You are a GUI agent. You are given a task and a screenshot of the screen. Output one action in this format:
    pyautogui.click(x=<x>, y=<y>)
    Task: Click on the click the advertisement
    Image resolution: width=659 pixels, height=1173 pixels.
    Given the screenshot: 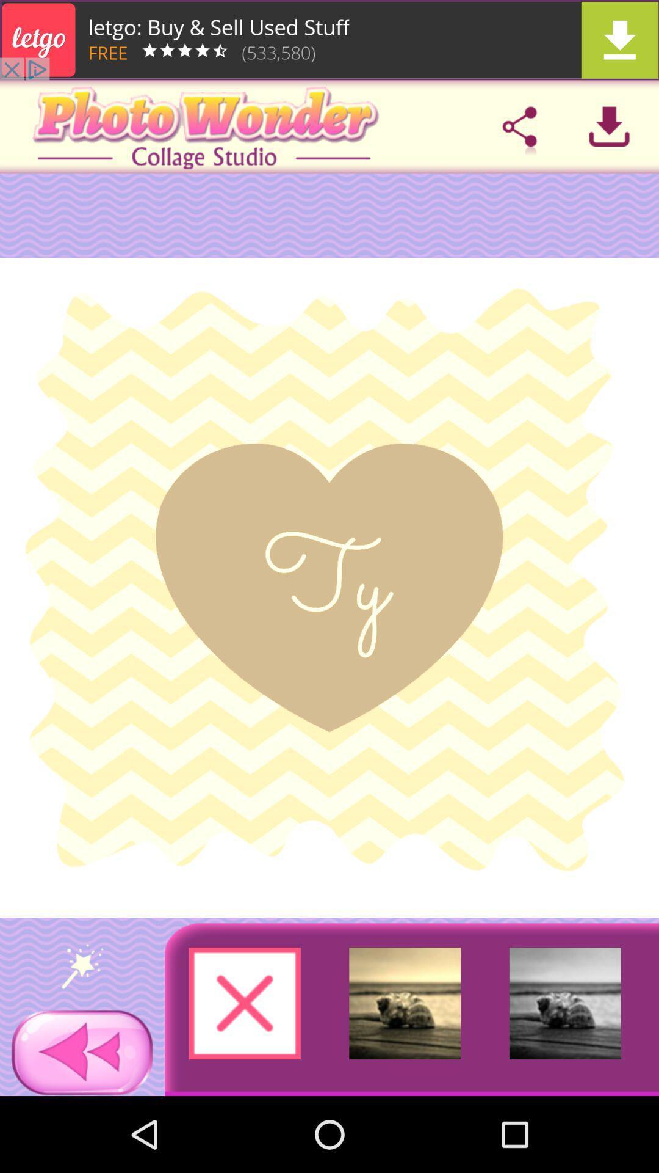 What is the action you would take?
    pyautogui.click(x=329, y=40)
    